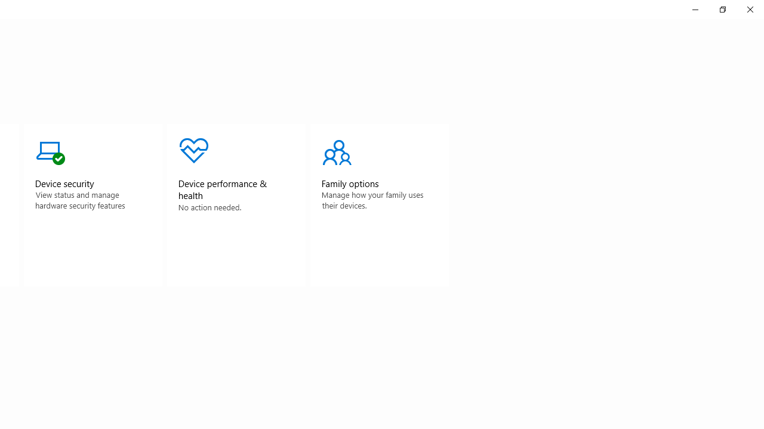 The height and width of the screenshot is (429, 764). I want to click on 'Close Windows Security', so click(749, 9).